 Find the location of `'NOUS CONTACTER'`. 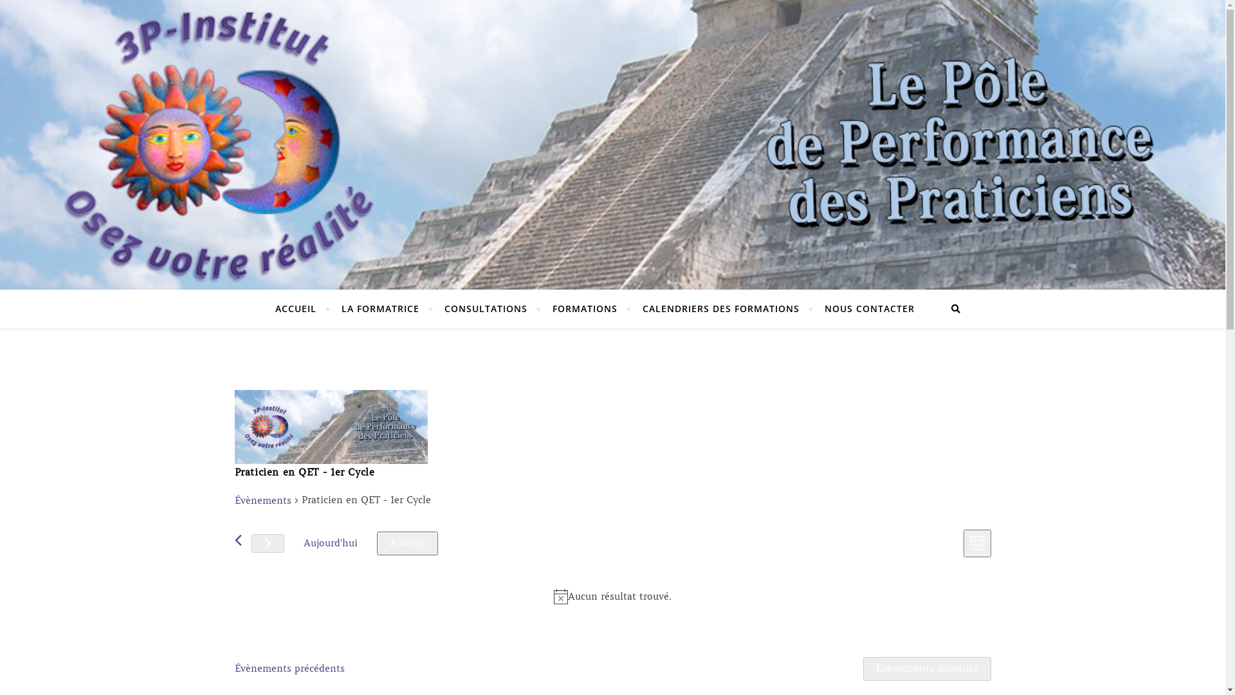

'NOUS CONTACTER' is located at coordinates (864, 308).